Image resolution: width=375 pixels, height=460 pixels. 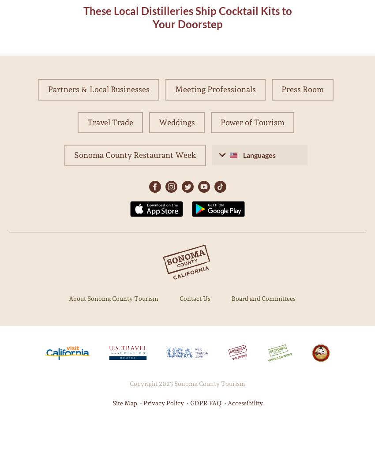 What do you see at coordinates (163, 402) in the screenshot?
I see `'Privacy Policy'` at bounding box center [163, 402].